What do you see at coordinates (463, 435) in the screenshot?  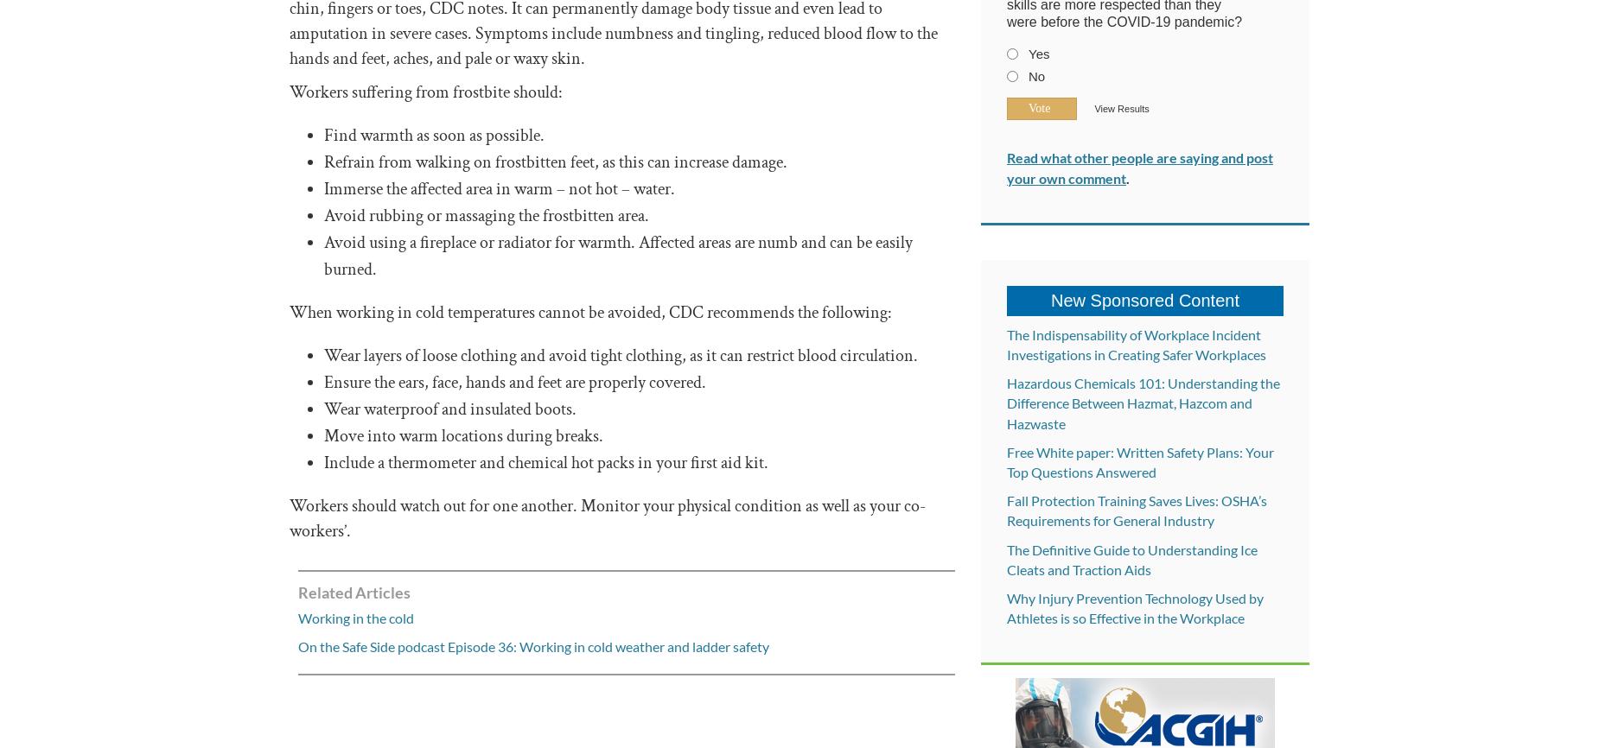 I see `'Move into warm locations during breaks.'` at bounding box center [463, 435].